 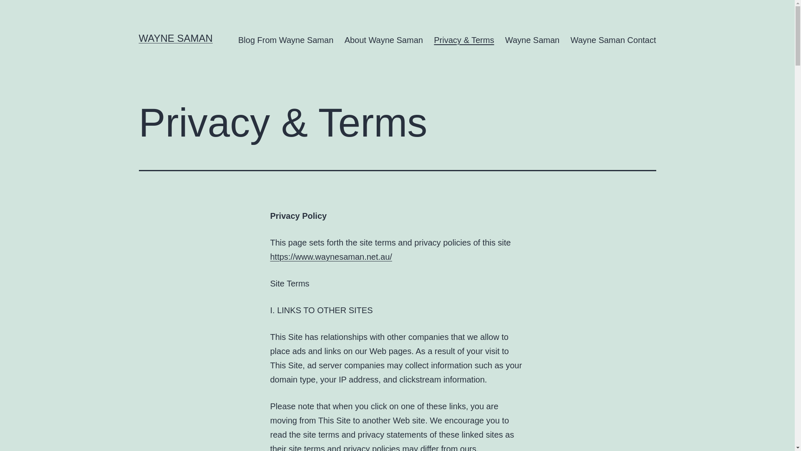 What do you see at coordinates (383, 40) in the screenshot?
I see `'About Wayne Saman'` at bounding box center [383, 40].